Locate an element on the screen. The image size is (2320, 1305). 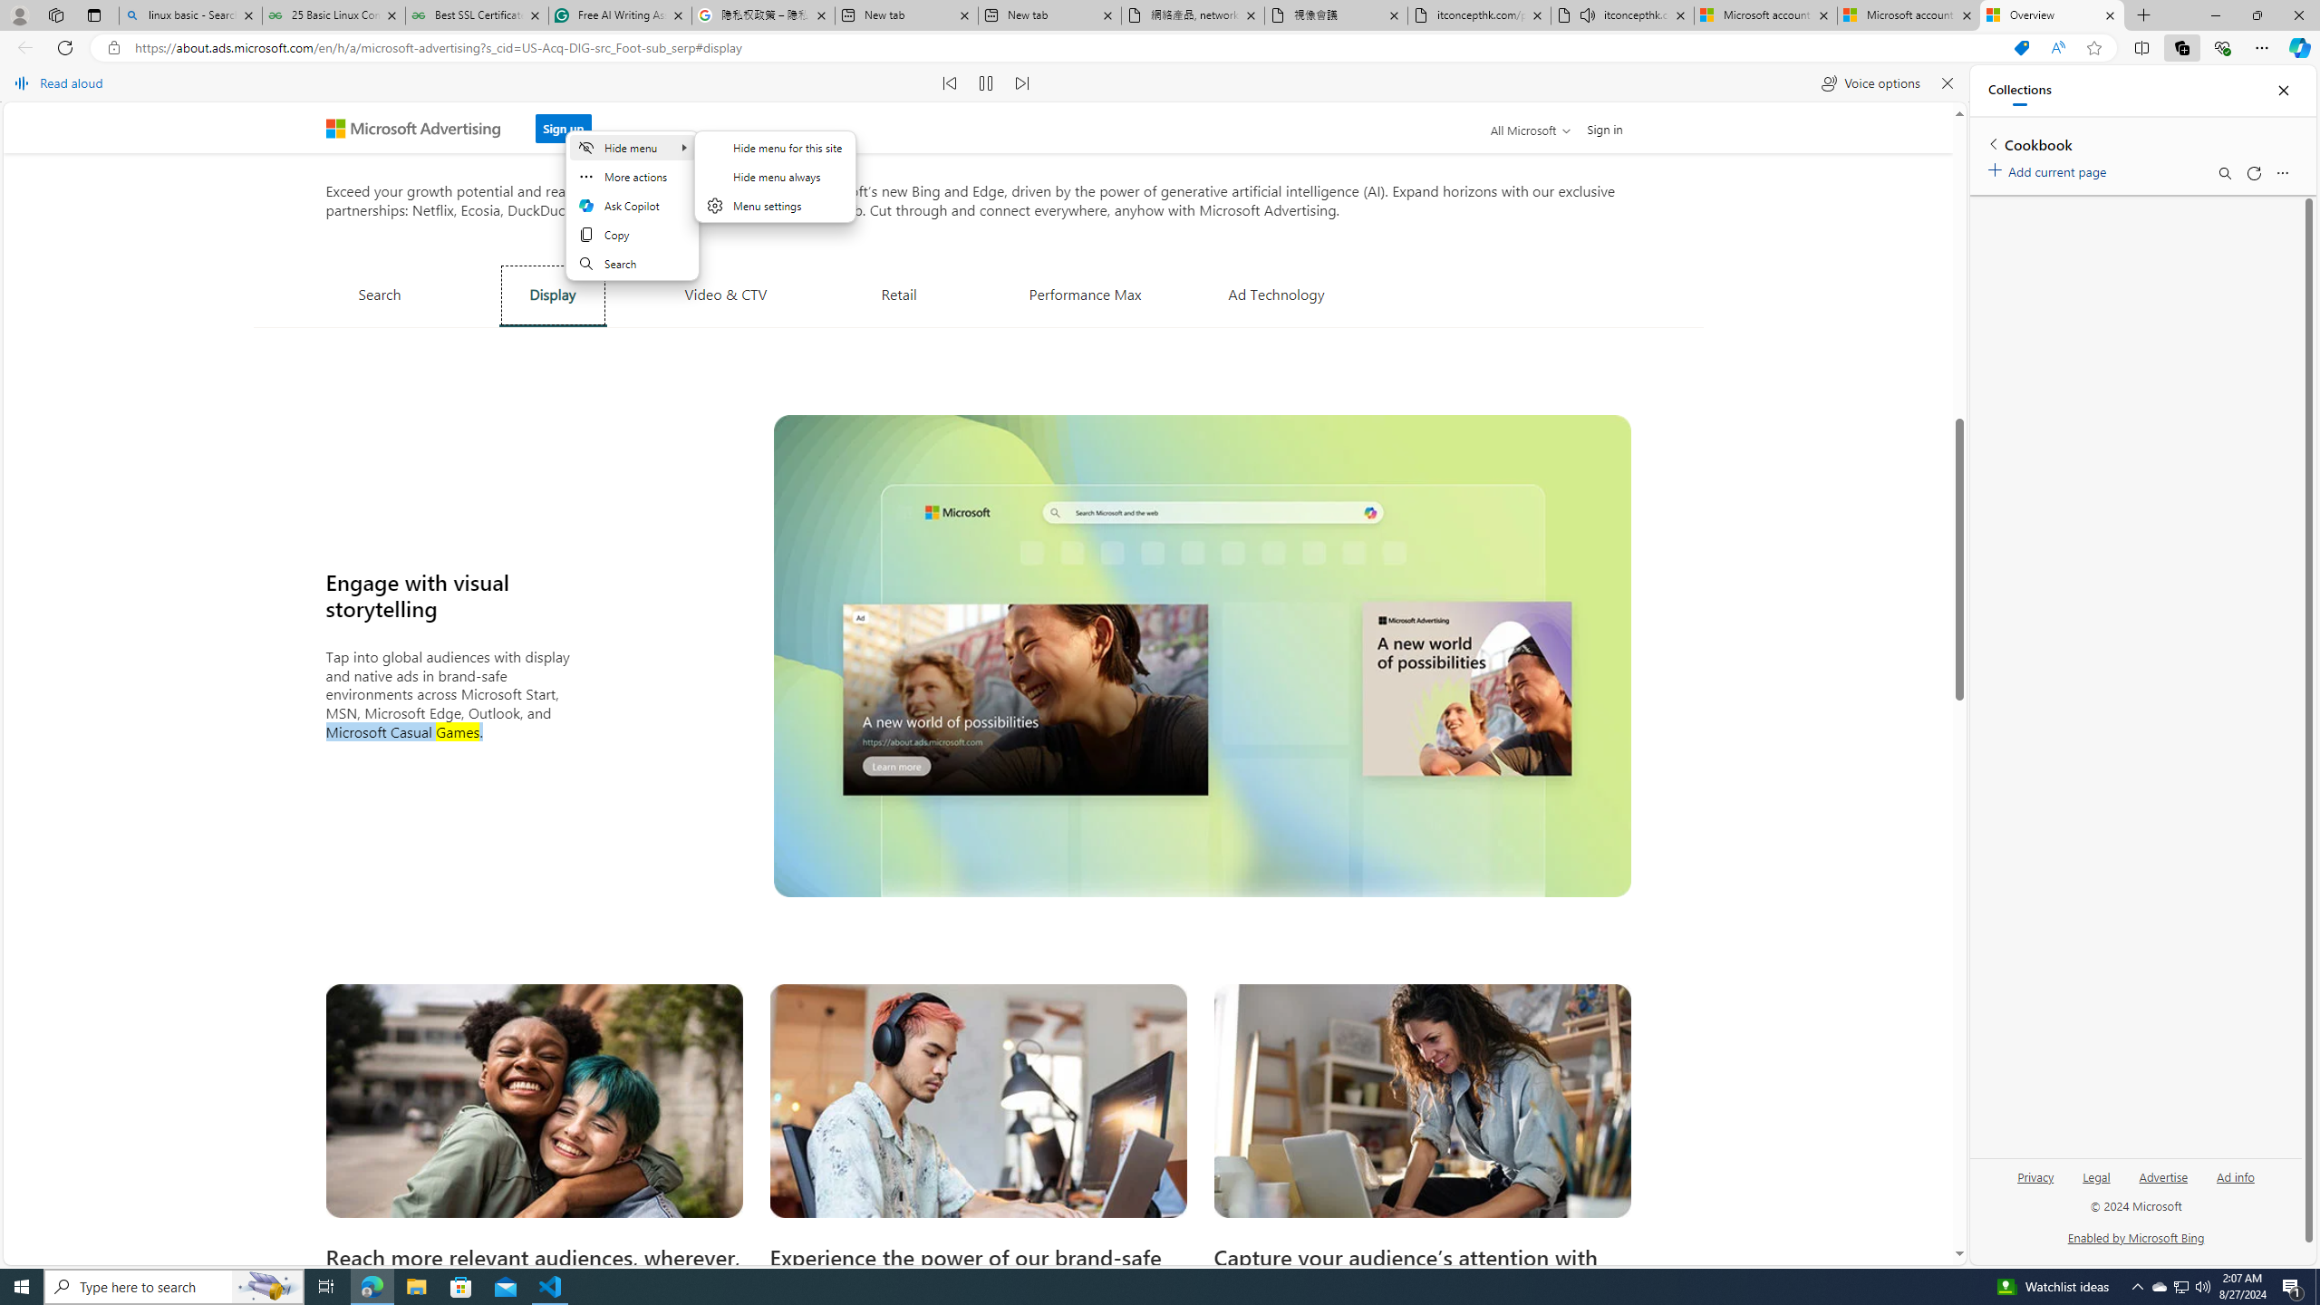
'linux basic - Search' is located at coordinates (188, 14).